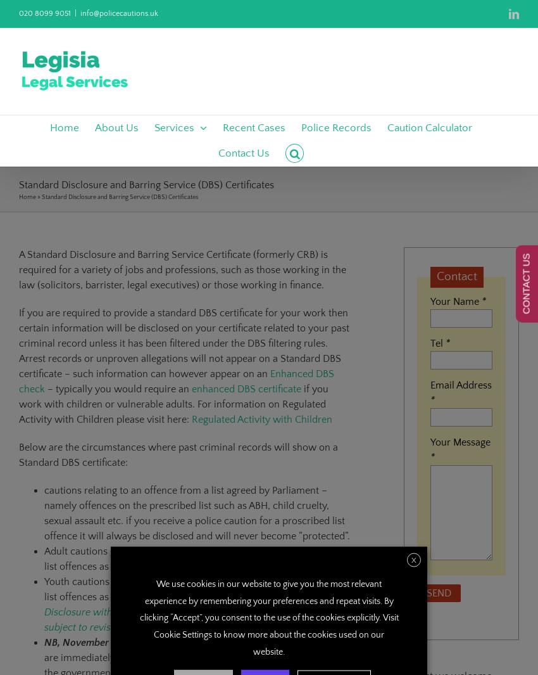 Image resolution: width=538 pixels, height=675 pixels. Describe the element at coordinates (215, 326) in the screenshot. I see `'Removing a Restraining Order'` at that location.